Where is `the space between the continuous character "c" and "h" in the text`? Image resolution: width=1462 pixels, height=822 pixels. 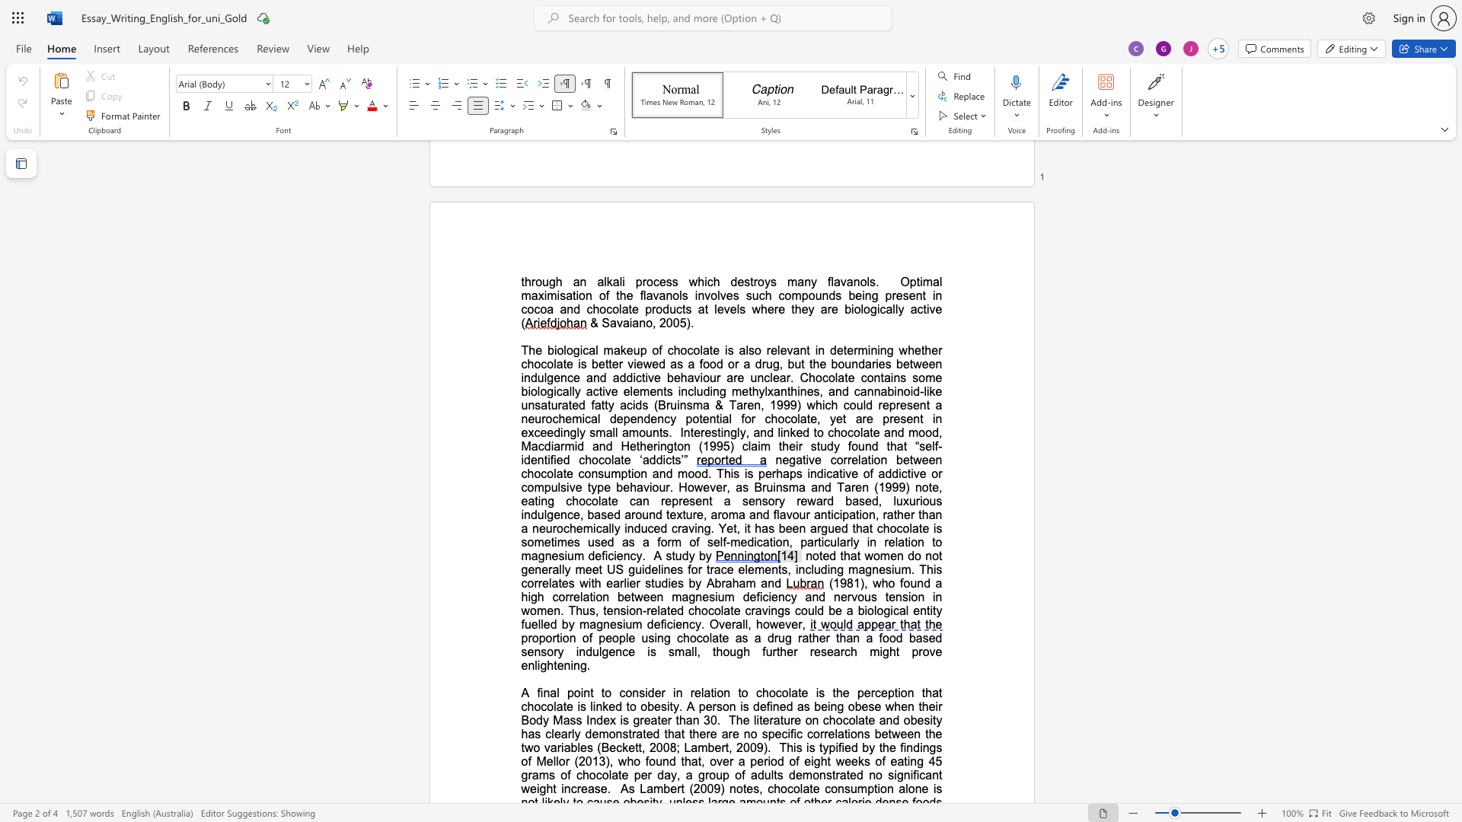 the space between the continuous character "c" and "h" in the text is located at coordinates (762, 693).